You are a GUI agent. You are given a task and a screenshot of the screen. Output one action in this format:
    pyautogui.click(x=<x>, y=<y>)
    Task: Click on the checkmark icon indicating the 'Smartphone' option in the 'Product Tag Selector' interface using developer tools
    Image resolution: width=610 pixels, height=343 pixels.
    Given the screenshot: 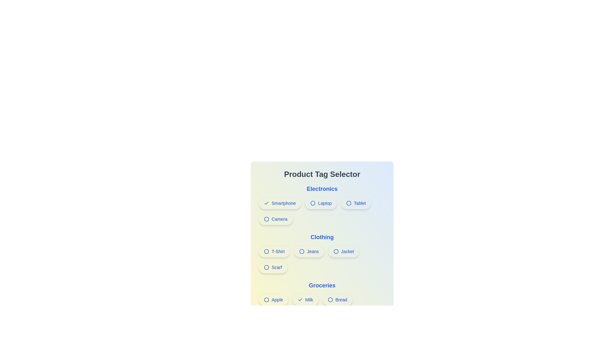 What is the action you would take?
    pyautogui.click(x=267, y=203)
    